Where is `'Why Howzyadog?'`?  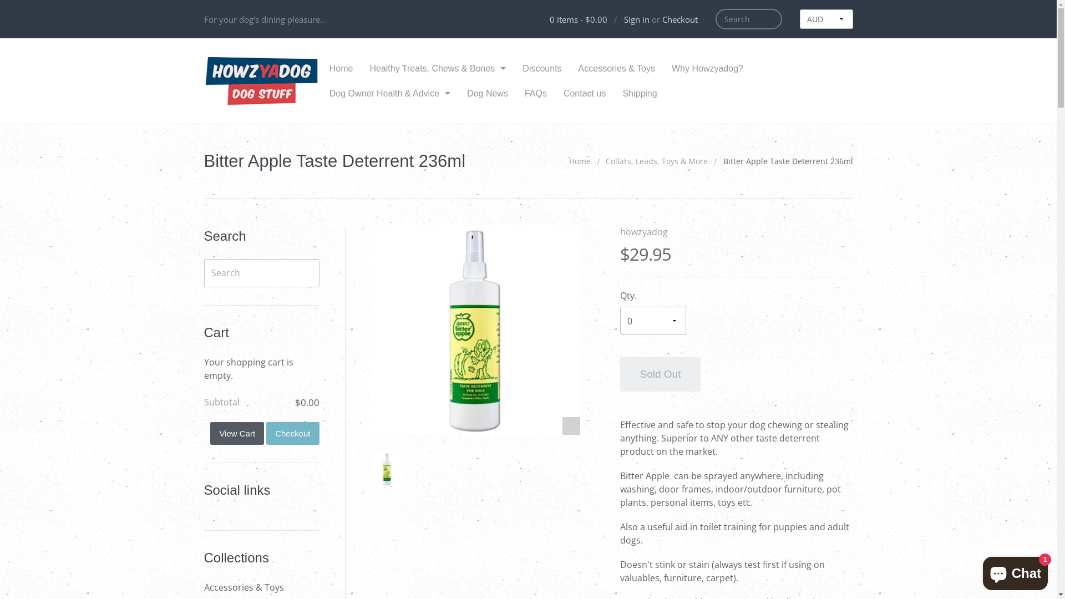
'Why Howzyadog?' is located at coordinates (707, 68).